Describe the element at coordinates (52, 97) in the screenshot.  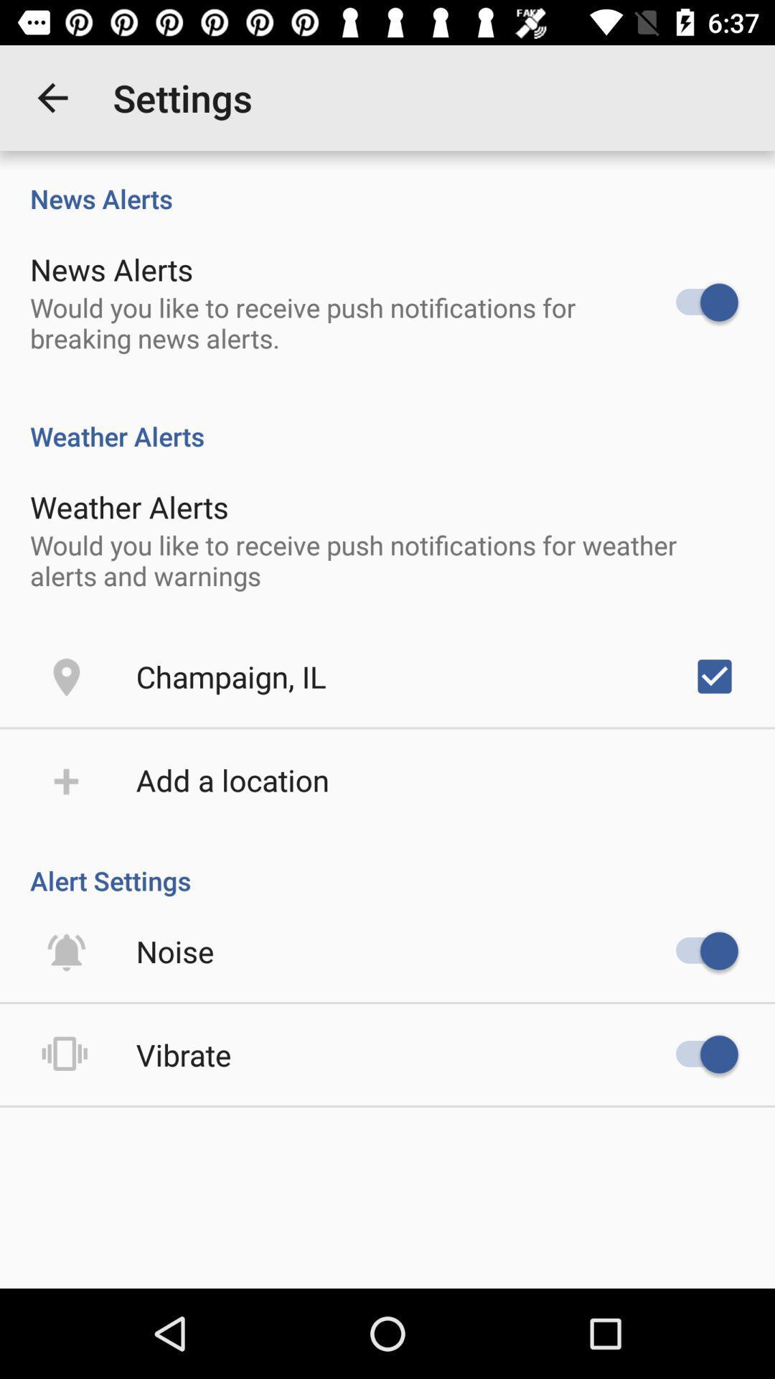
I see `item next to the settings  item` at that location.